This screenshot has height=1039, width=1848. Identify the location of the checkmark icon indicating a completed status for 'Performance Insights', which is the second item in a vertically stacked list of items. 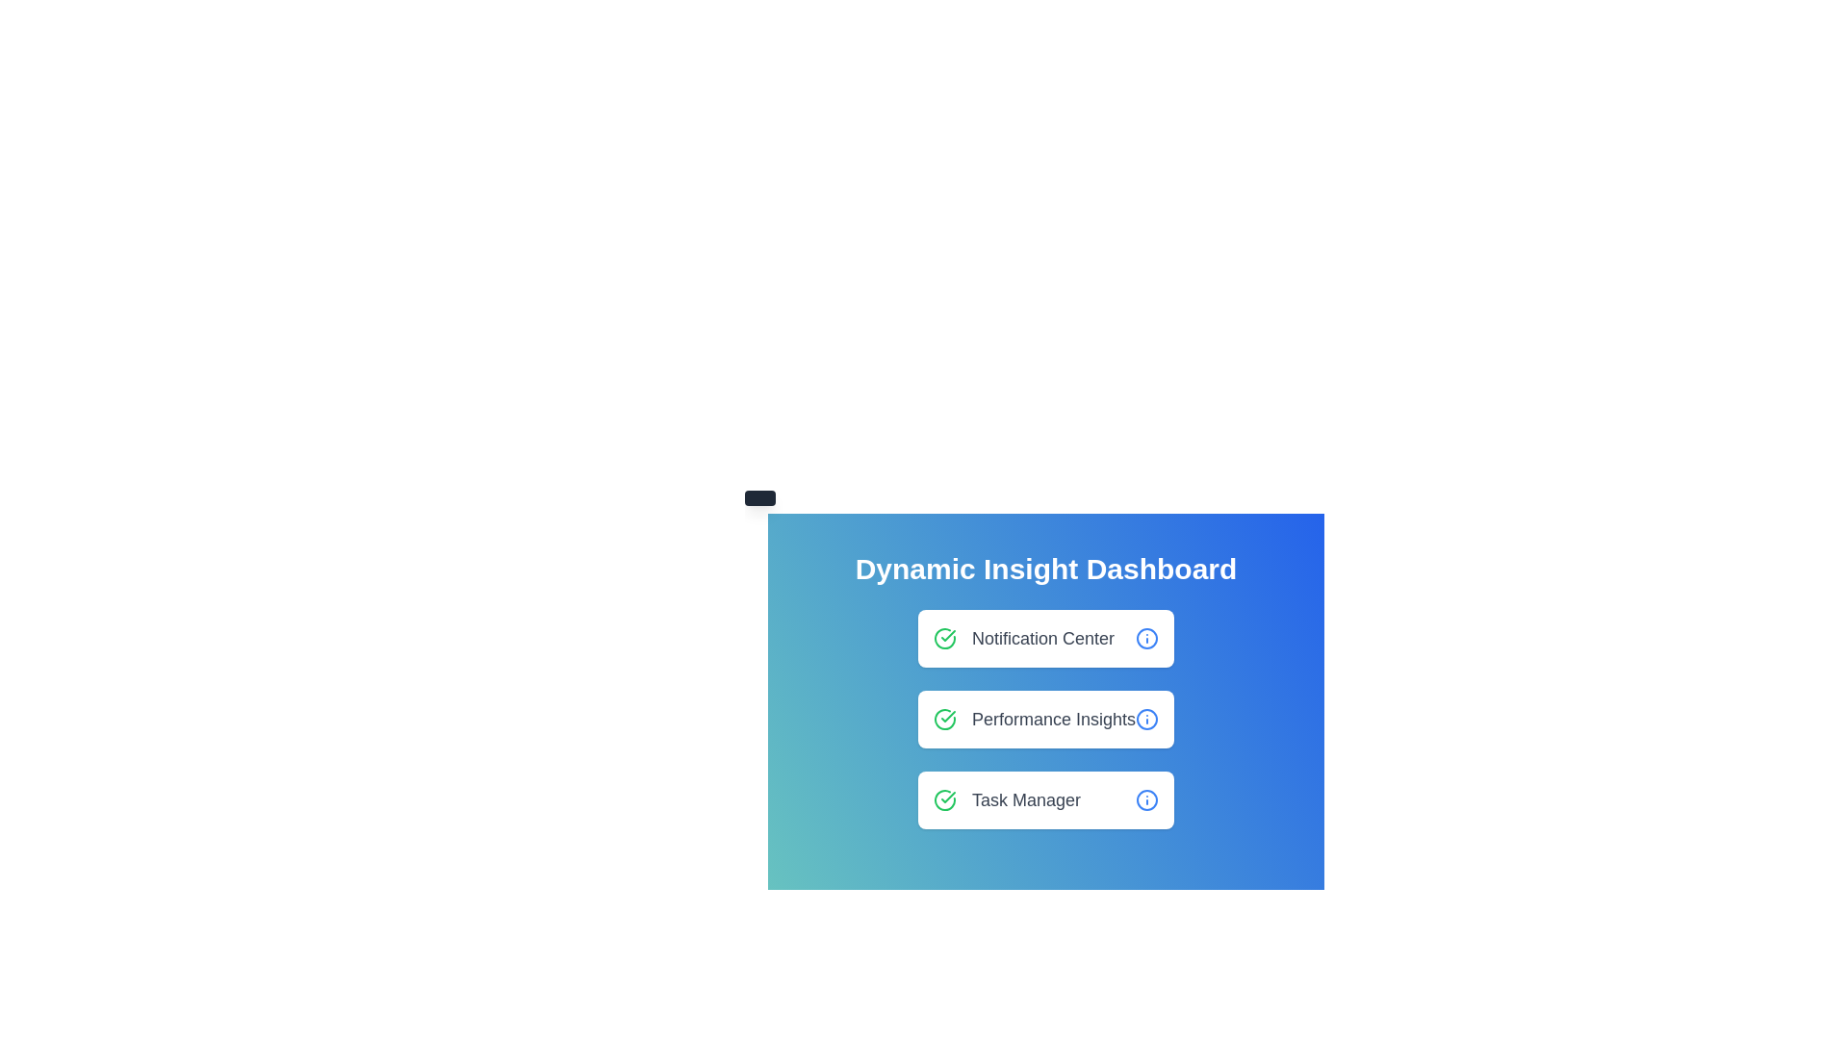
(944, 720).